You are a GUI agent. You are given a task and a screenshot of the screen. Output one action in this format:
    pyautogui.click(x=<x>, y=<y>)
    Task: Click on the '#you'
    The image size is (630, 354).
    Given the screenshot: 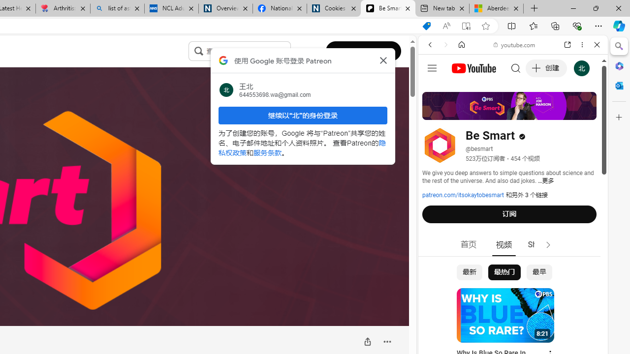 What is the action you would take?
    pyautogui.click(x=512, y=219)
    